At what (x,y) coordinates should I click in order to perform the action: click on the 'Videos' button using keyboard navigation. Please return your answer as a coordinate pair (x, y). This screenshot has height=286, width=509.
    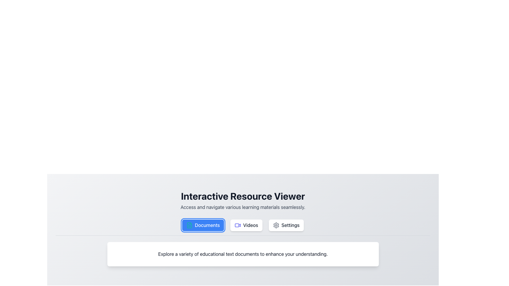
    Looking at the image, I should click on (238, 225).